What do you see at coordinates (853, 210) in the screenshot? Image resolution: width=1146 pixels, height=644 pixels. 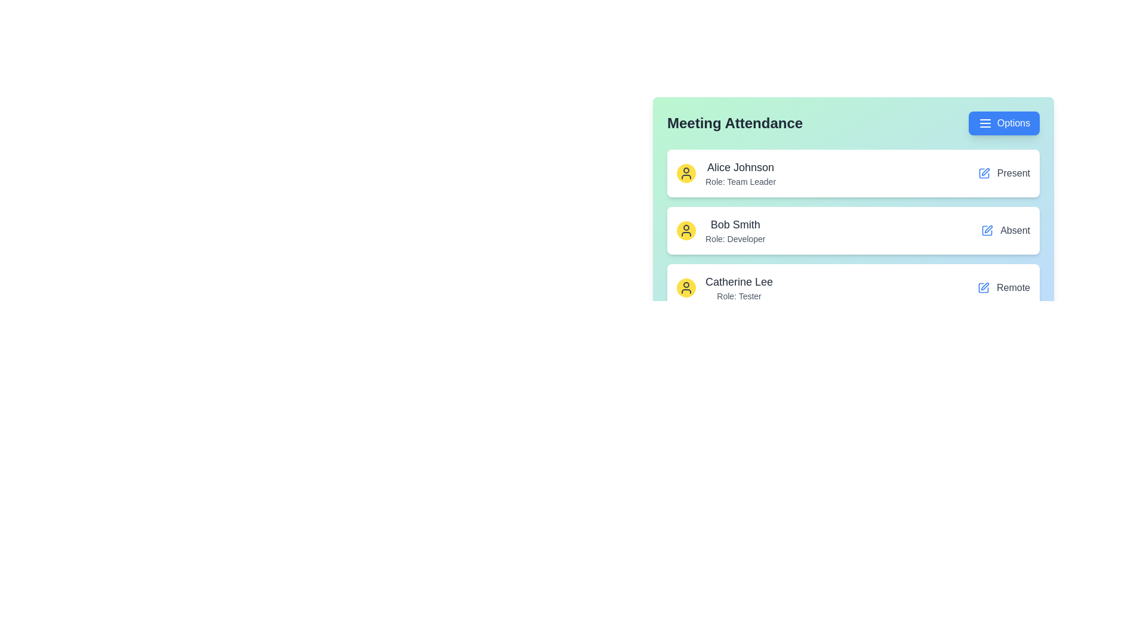 I see `Informational box containing details about Bob Smith, which is the second box in a vertical stack of three items` at bounding box center [853, 210].